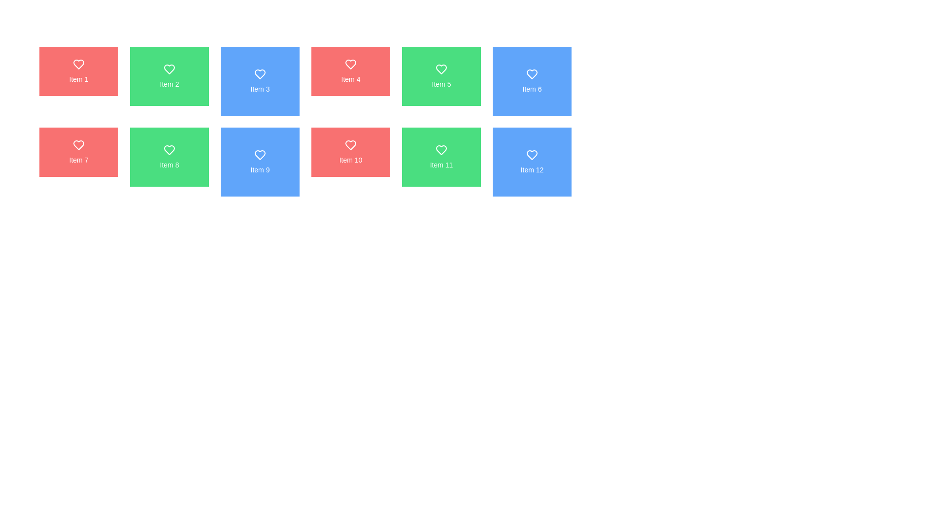  Describe the element at coordinates (532, 89) in the screenshot. I see `the text label that reads 'Item 6', which is styled in white text and located within a blue rectangular area in the grid layout` at that location.